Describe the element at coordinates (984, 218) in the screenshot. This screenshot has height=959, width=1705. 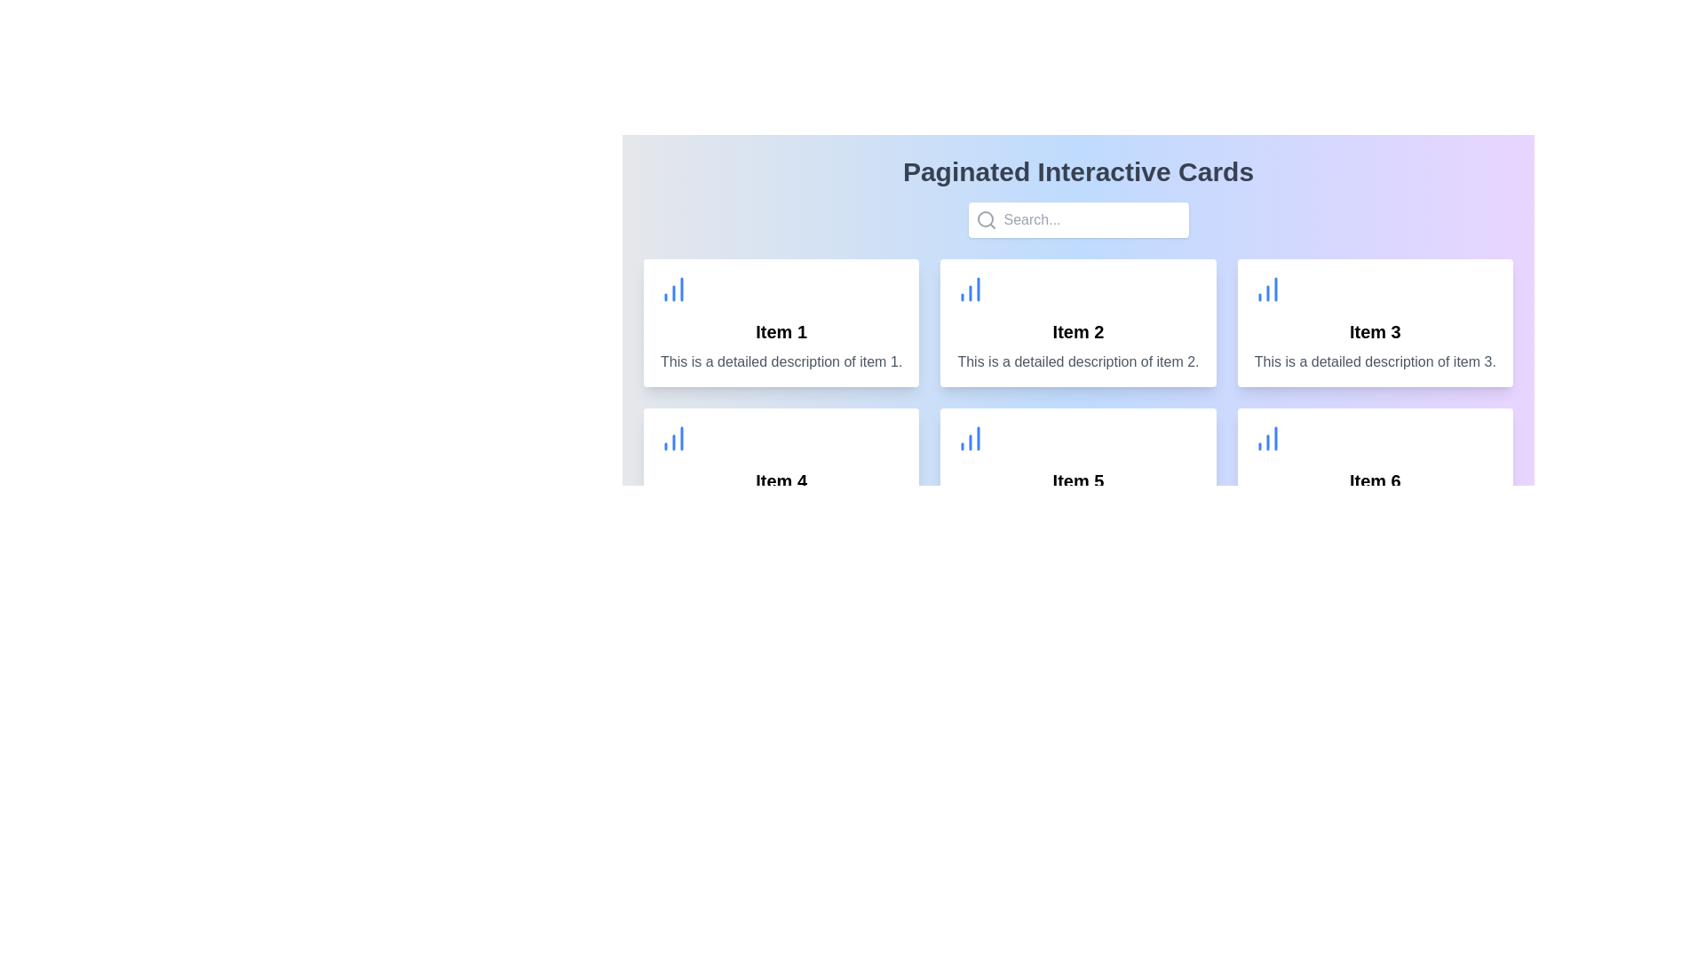
I see `the Decorative SVG circle that is centered inside the search icon in the upper section of the page's search bar` at that location.